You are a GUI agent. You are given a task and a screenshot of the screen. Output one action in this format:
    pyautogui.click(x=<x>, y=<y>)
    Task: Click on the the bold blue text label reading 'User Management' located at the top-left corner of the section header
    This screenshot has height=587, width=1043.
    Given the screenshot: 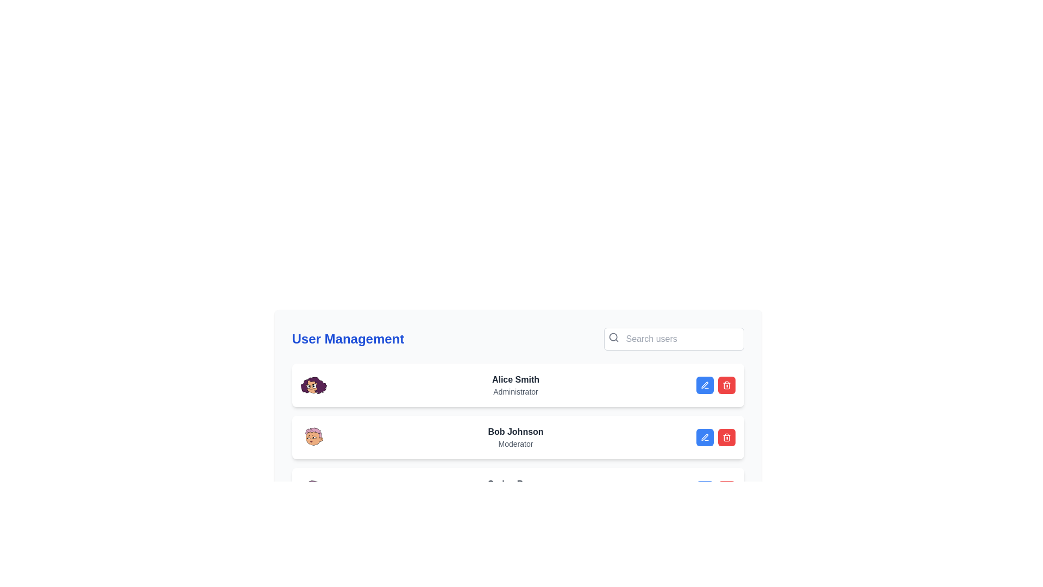 What is the action you would take?
    pyautogui.click(x=348, y=339)
    